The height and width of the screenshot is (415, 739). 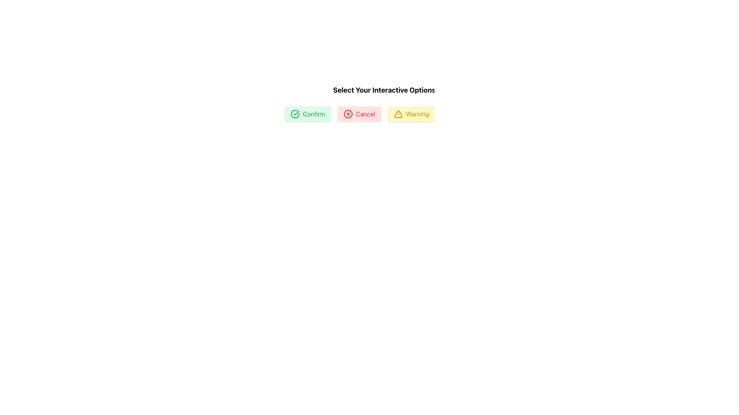 What do you see at coordinates (295, 114) in the screenshot?
I see `the confirmation icon located at the far left of the green 'Confirm' button, which visually represents confirmation or approval within the horizontal button layout` at bounding box center [295, 114].